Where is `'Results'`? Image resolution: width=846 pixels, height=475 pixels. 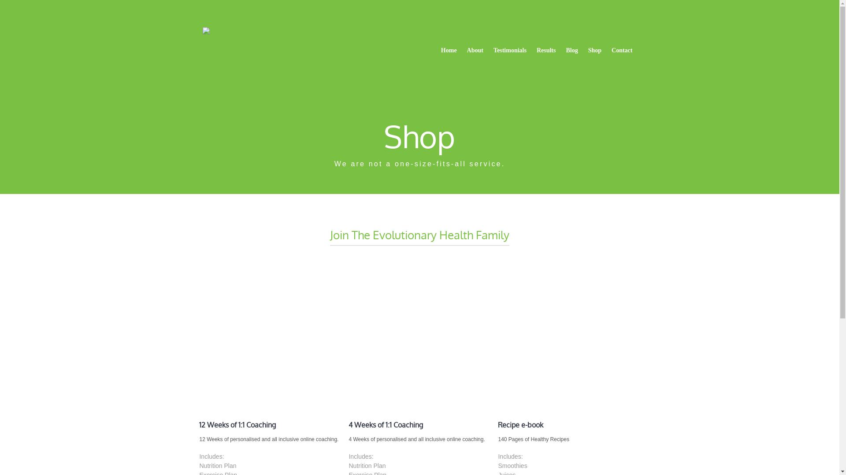 'Results' is located at coordinates (532, 51).